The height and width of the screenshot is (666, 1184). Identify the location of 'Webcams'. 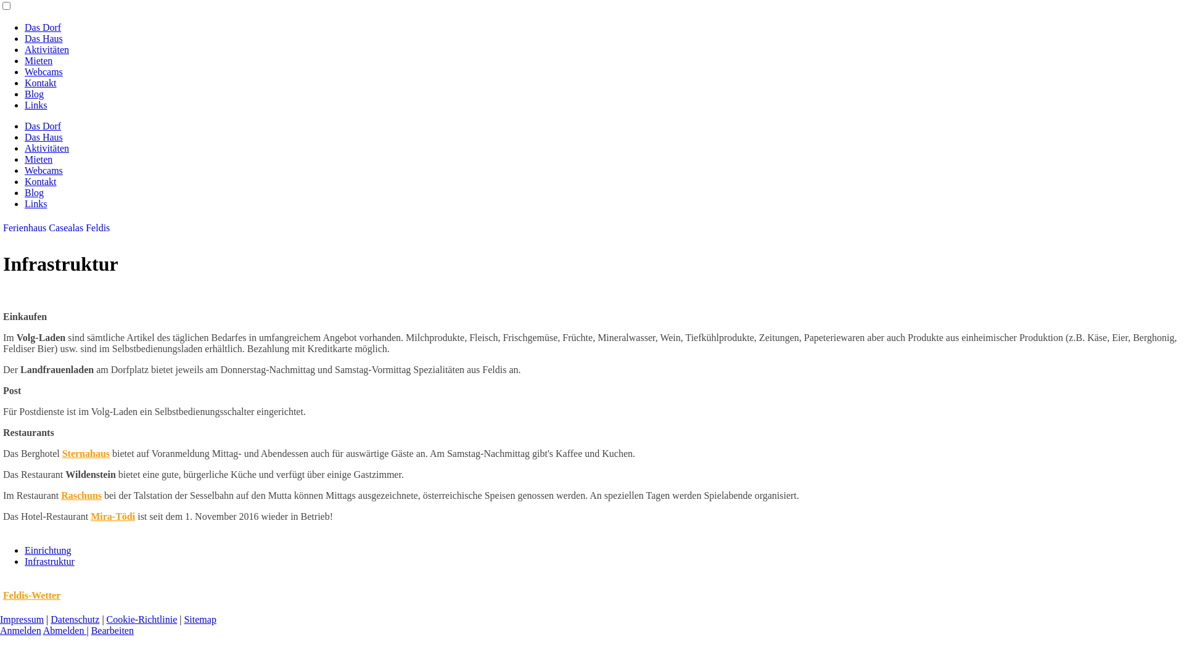
(44, 72).